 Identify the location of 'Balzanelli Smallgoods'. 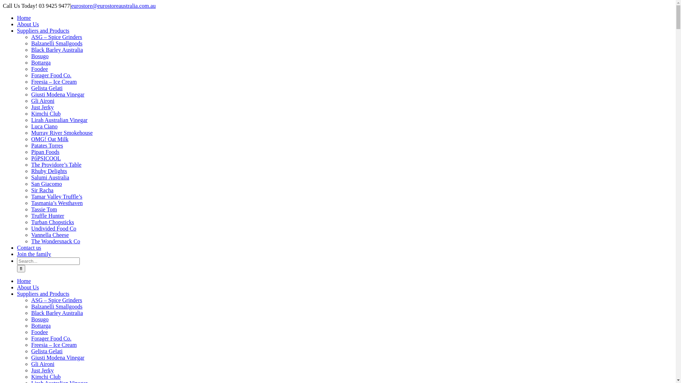
(56, 306).